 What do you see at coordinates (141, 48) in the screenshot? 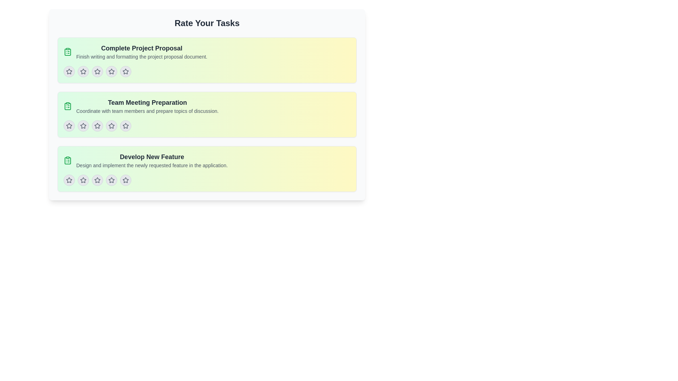
I see `the text header styled with a bold typeface in a large font size, colored in dark gray, located at the top of a light greenish-yellow box, which is the title of the first task card` at bounding box center [141, 48].